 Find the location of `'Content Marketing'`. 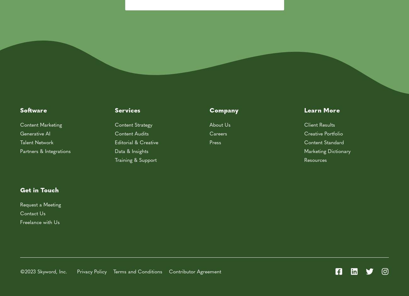

'Content Marketing' is located at coordinates (41, 124).